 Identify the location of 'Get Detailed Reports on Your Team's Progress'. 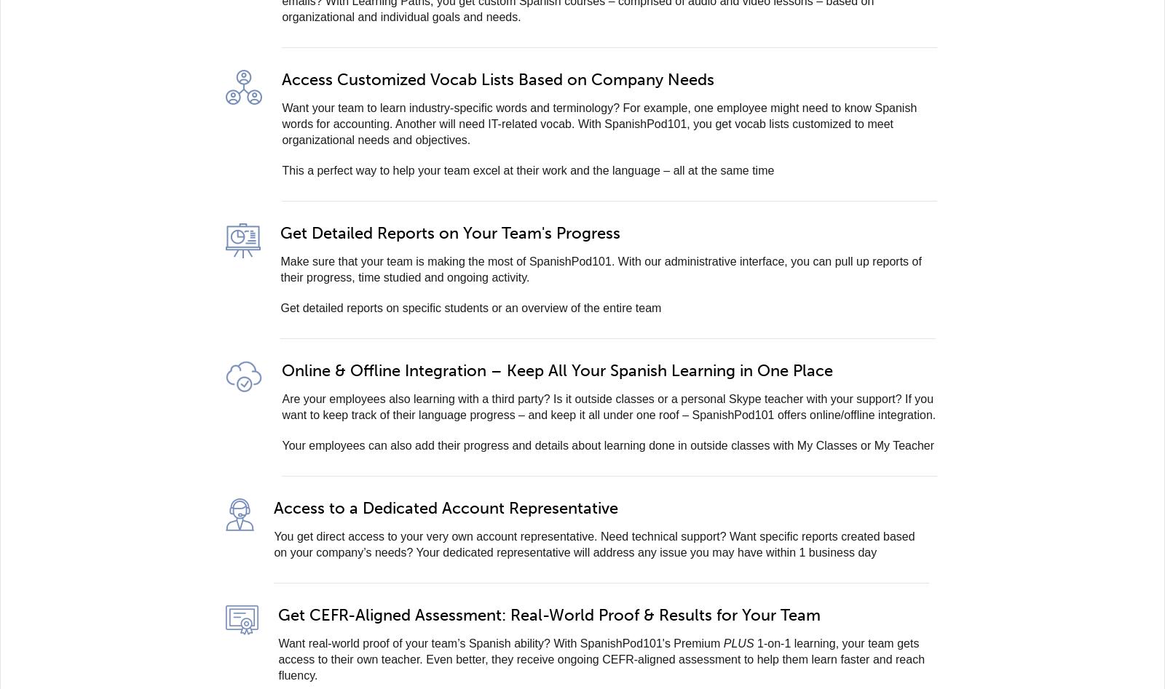
(450, 232).